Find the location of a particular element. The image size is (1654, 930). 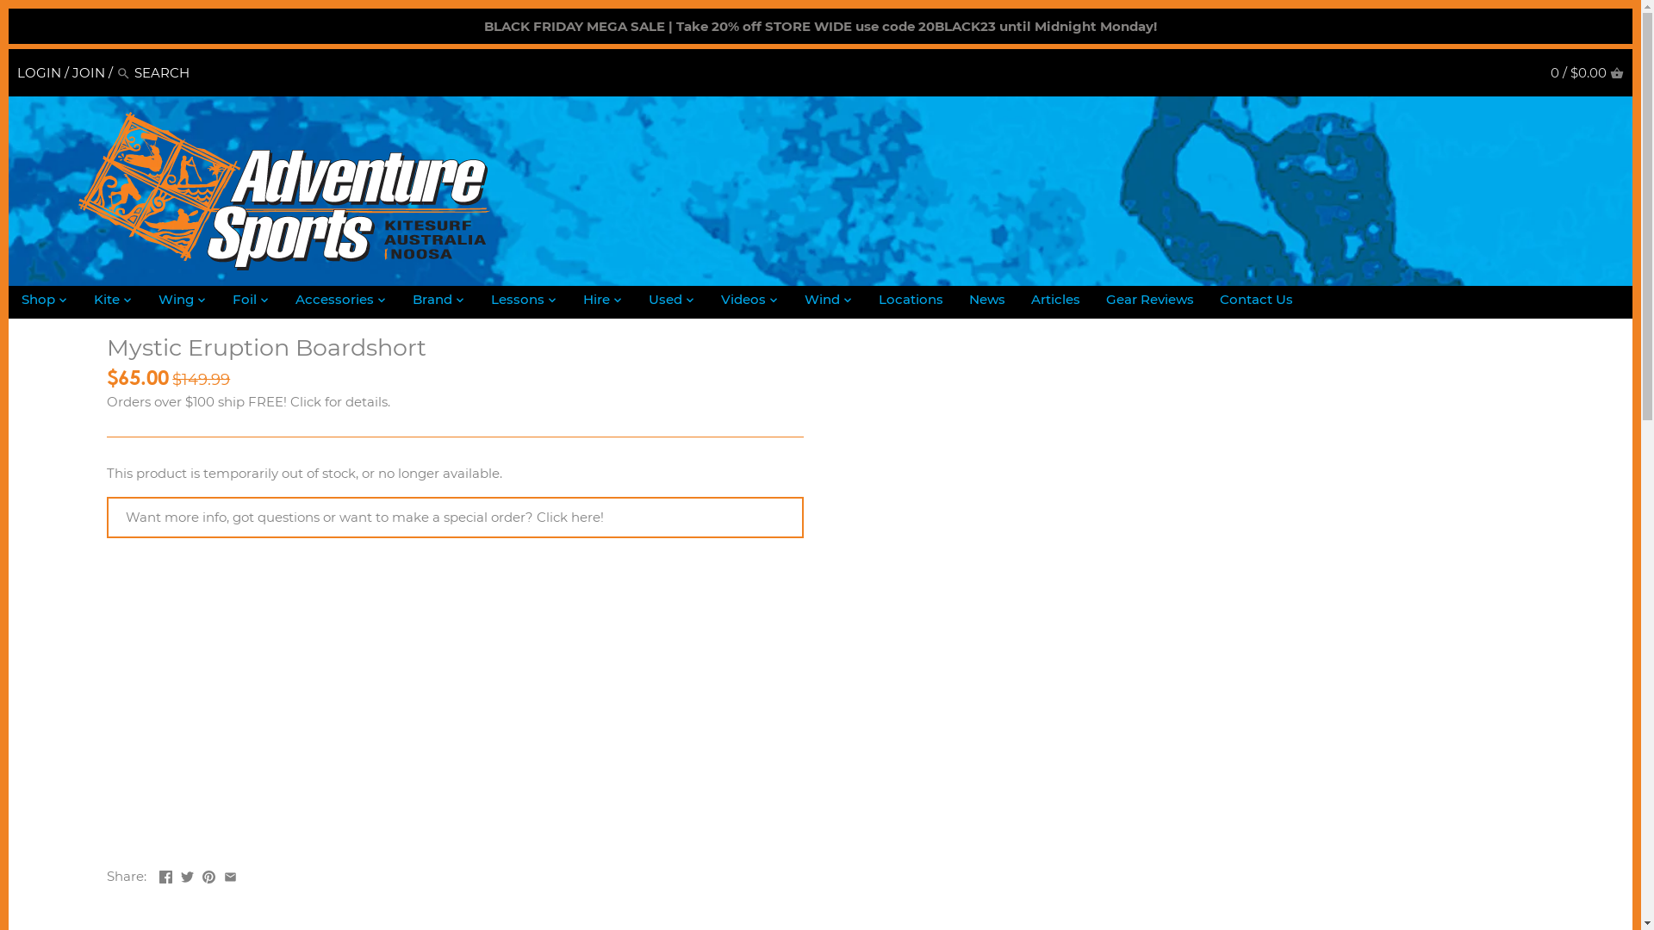

'Search' is located at coordinates (122, 71).